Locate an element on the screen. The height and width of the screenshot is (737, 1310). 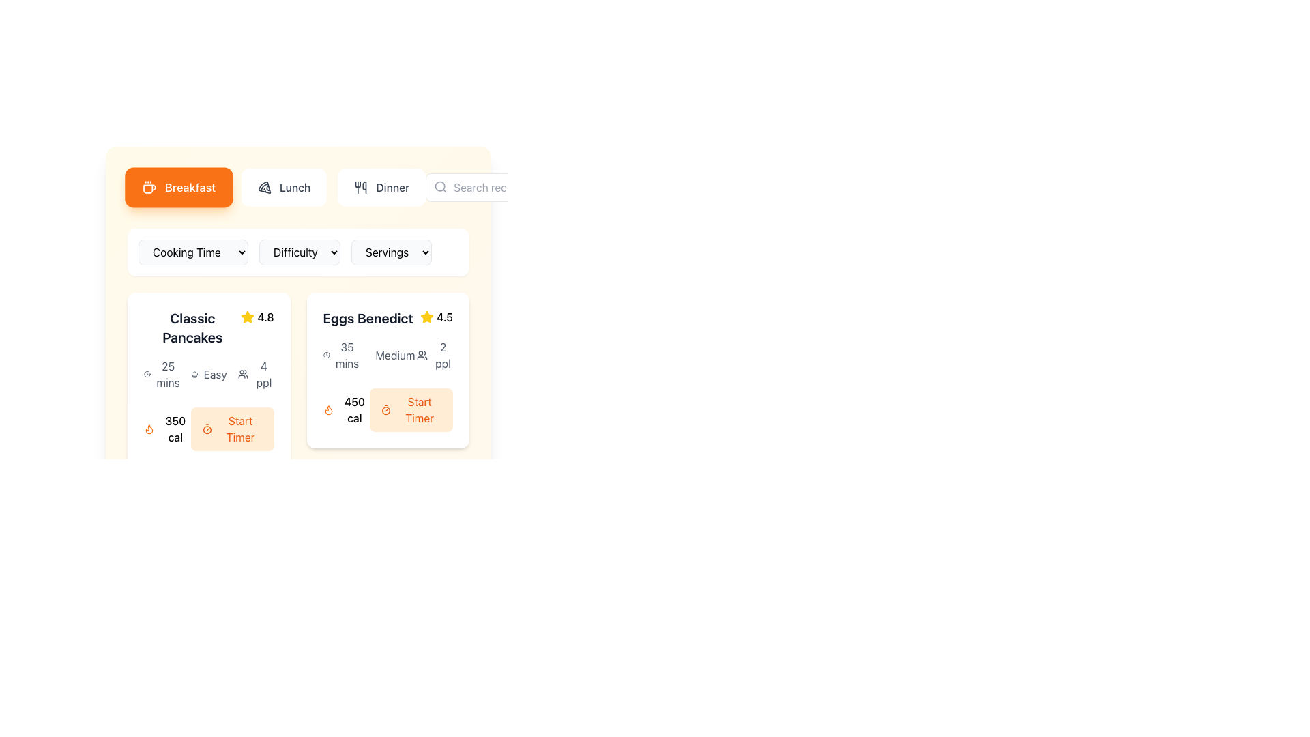
the visual appearance of the first star icon in the rating system located near the bottom-right corner of the 'Classic Pancakes' card is located at coordinates (248, 508).